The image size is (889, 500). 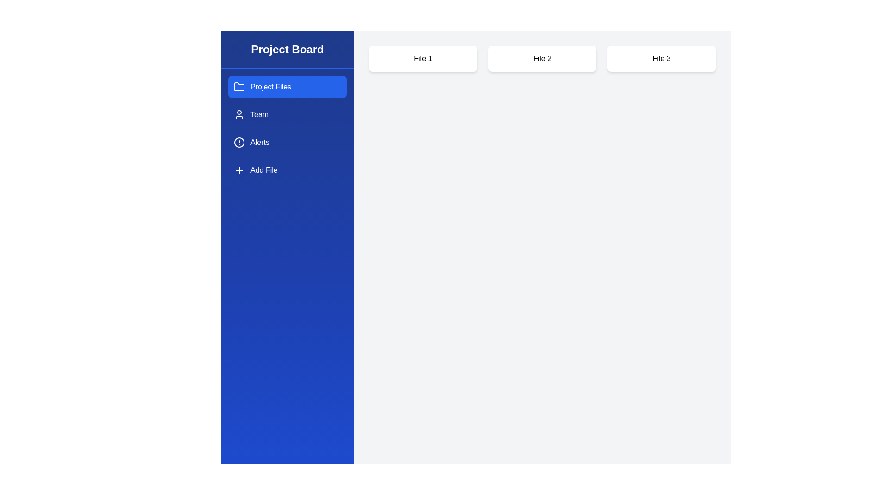 I want to click on the Card with the text 'File 3', which is the third item in a row of three cards arranged horizontally, located to the far right of the row, so click(x=661, y=59).